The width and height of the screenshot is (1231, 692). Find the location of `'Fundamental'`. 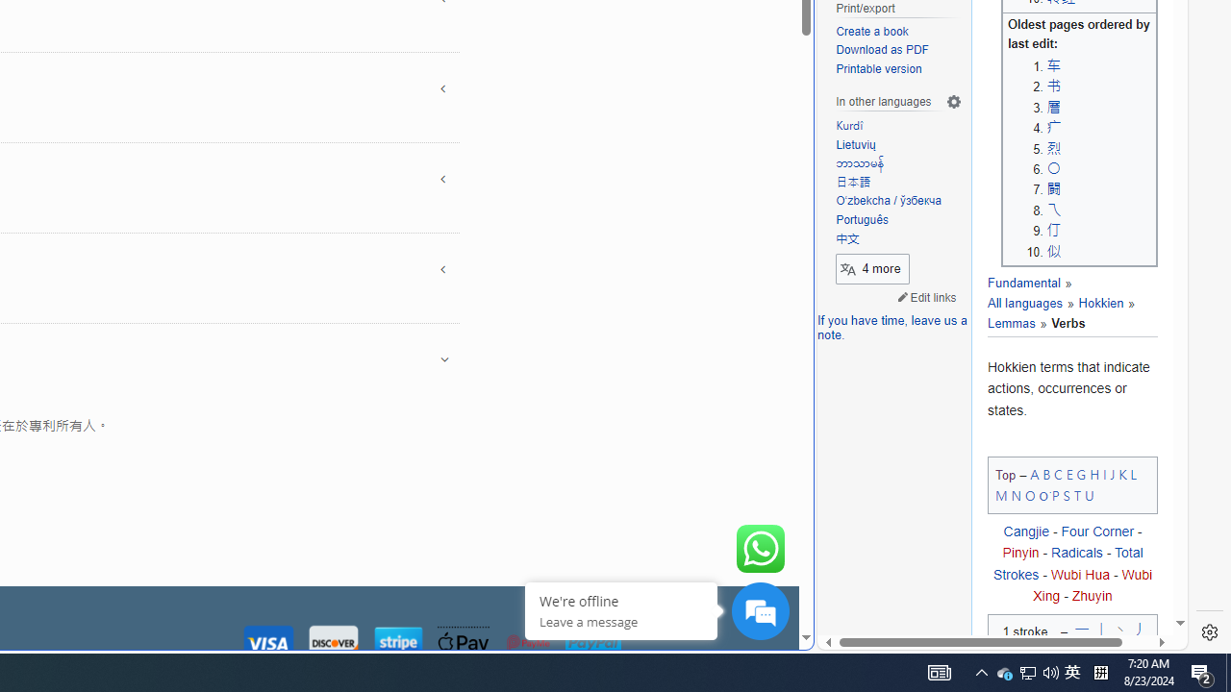

'Fundamental' is located at coordinates (1022, 284).